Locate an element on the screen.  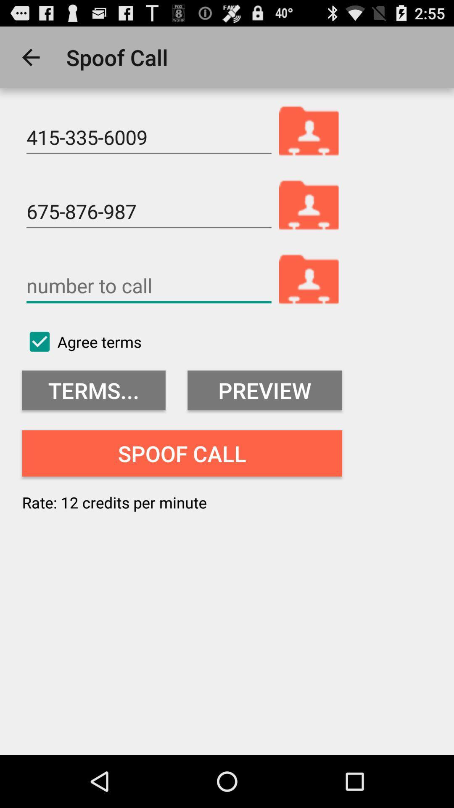
the preview item is located at coordinates (264, 390).